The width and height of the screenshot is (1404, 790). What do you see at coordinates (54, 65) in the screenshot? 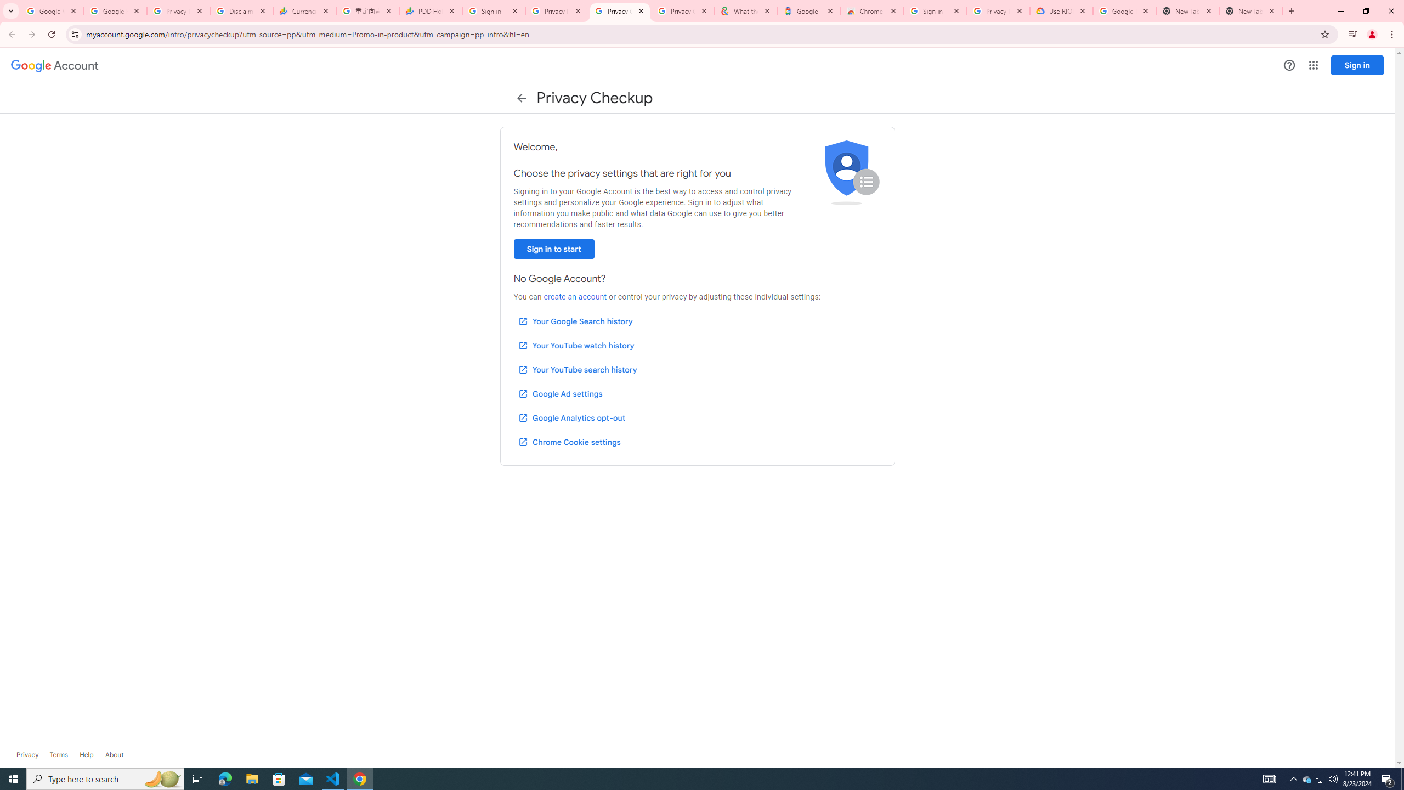
I see `'Google Account settings'` at bounding box center [54, 65].